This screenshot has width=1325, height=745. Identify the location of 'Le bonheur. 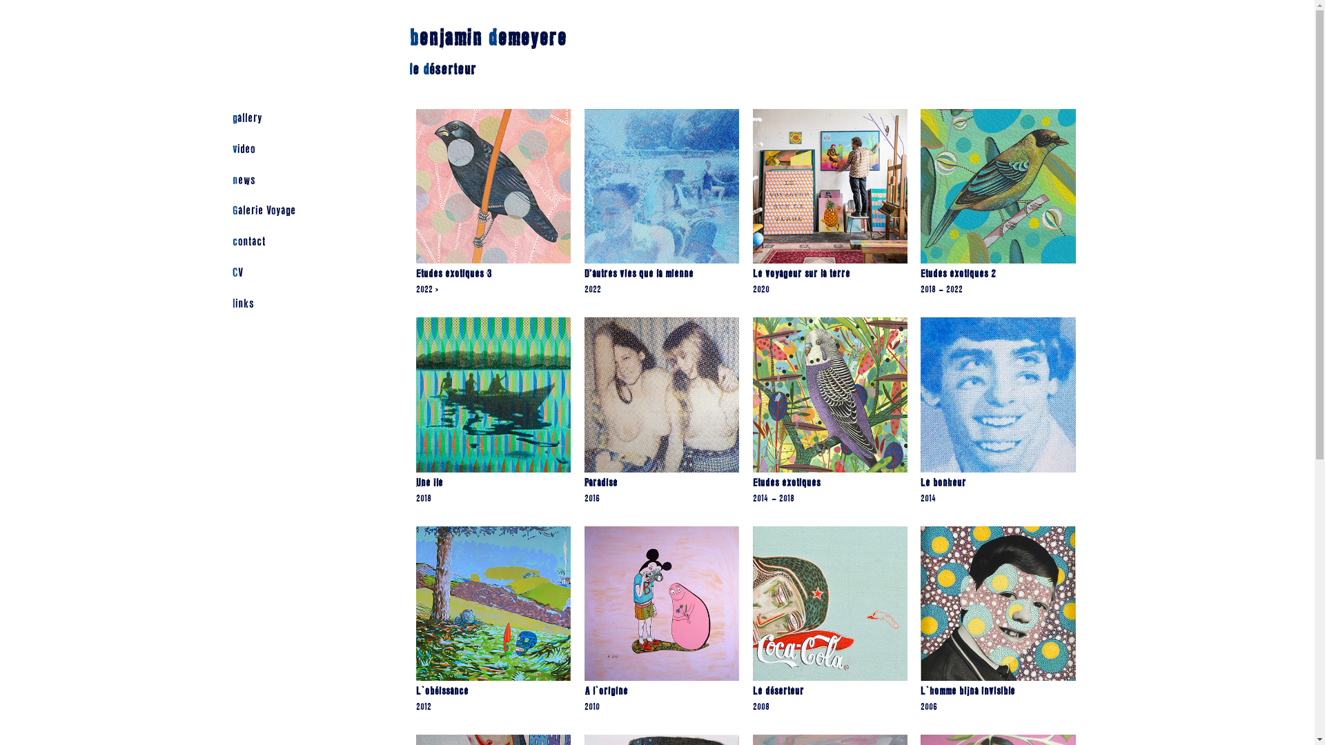
(997, 415).